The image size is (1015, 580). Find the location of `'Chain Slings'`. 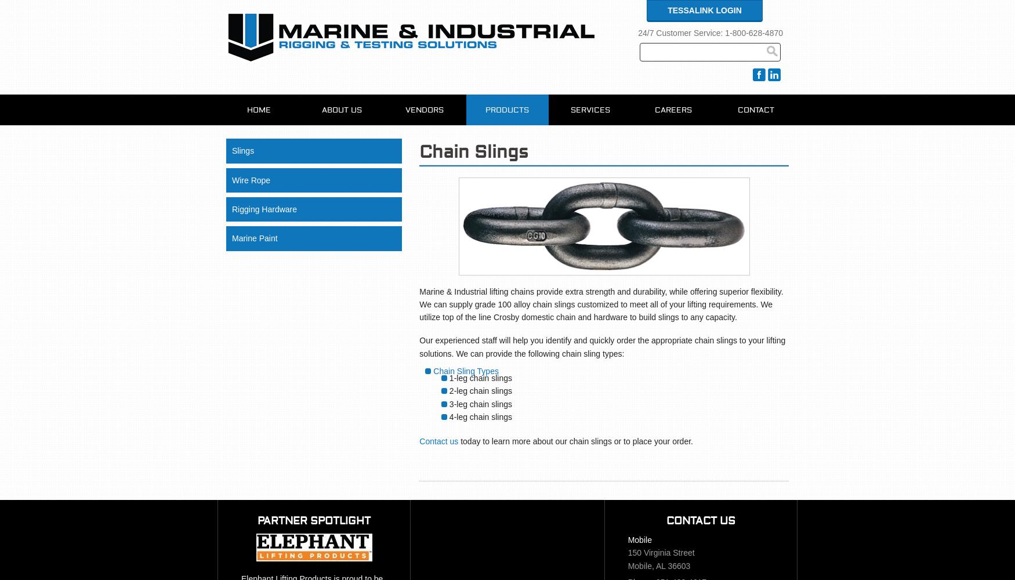

'Chain Slings' is located at coordinates (474, 152).